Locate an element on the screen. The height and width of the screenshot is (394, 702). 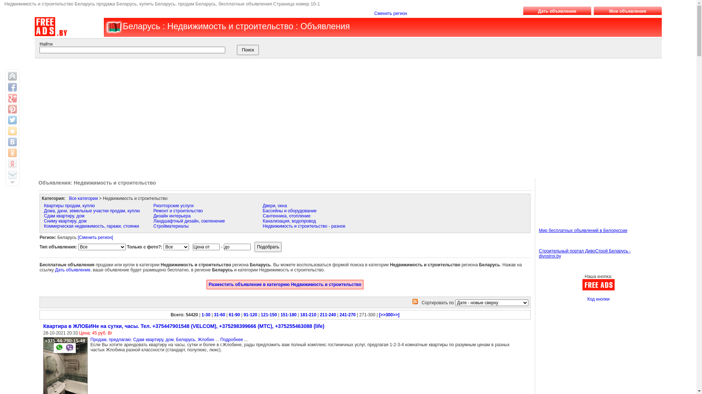
'31-60' is located at coordinates (219, 314).